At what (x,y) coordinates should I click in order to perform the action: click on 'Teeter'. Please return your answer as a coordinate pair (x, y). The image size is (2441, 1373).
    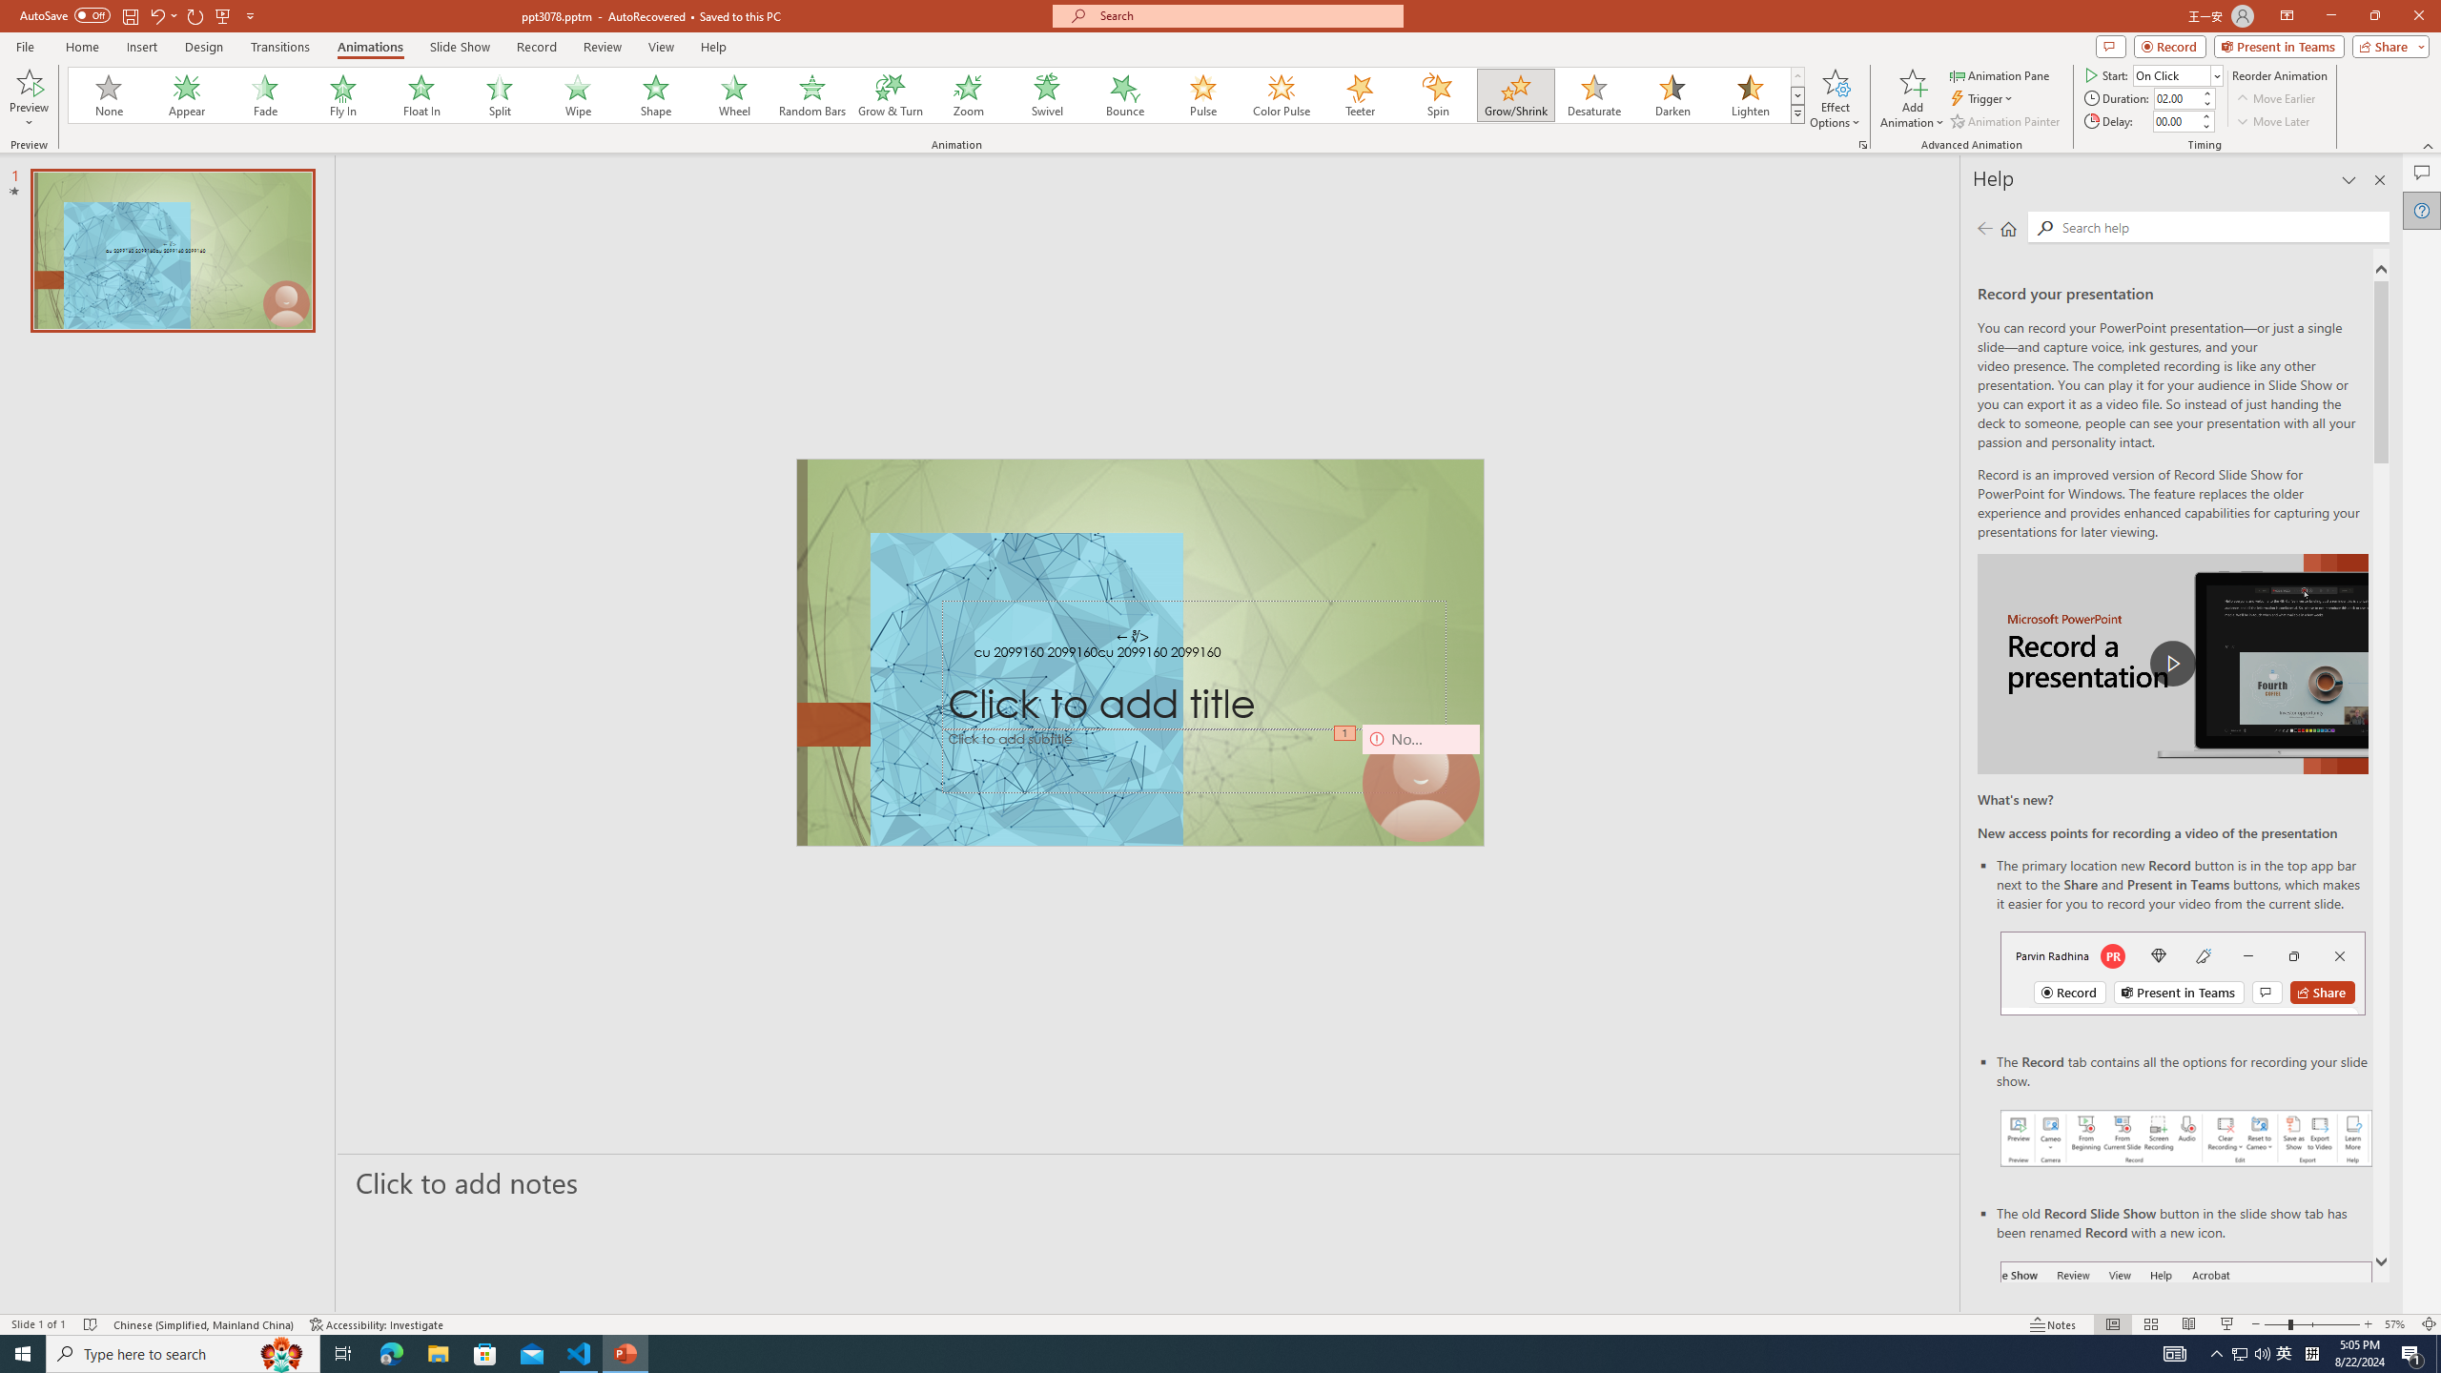
    Looking at the image, I should click on (1358, 94).